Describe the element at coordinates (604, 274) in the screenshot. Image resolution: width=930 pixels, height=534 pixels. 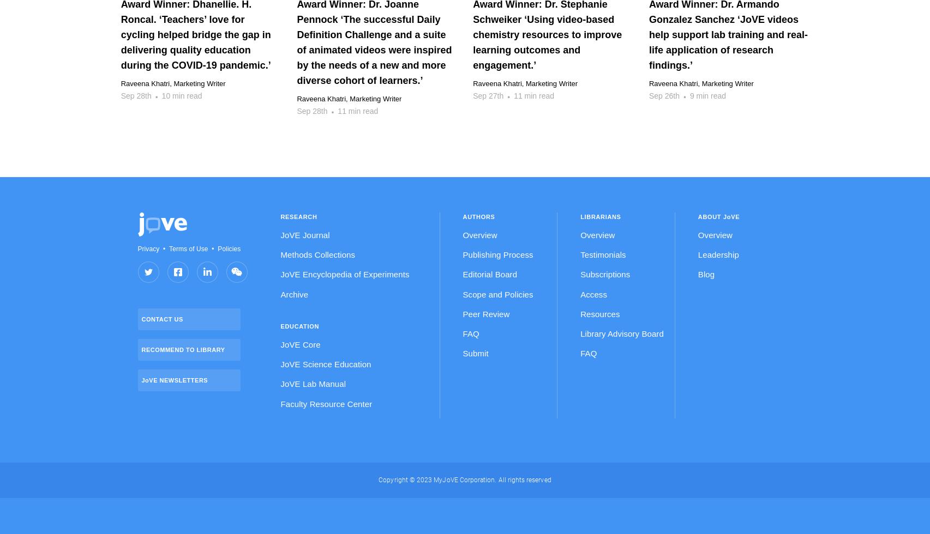
I see `'Subscriptions'` at that location.